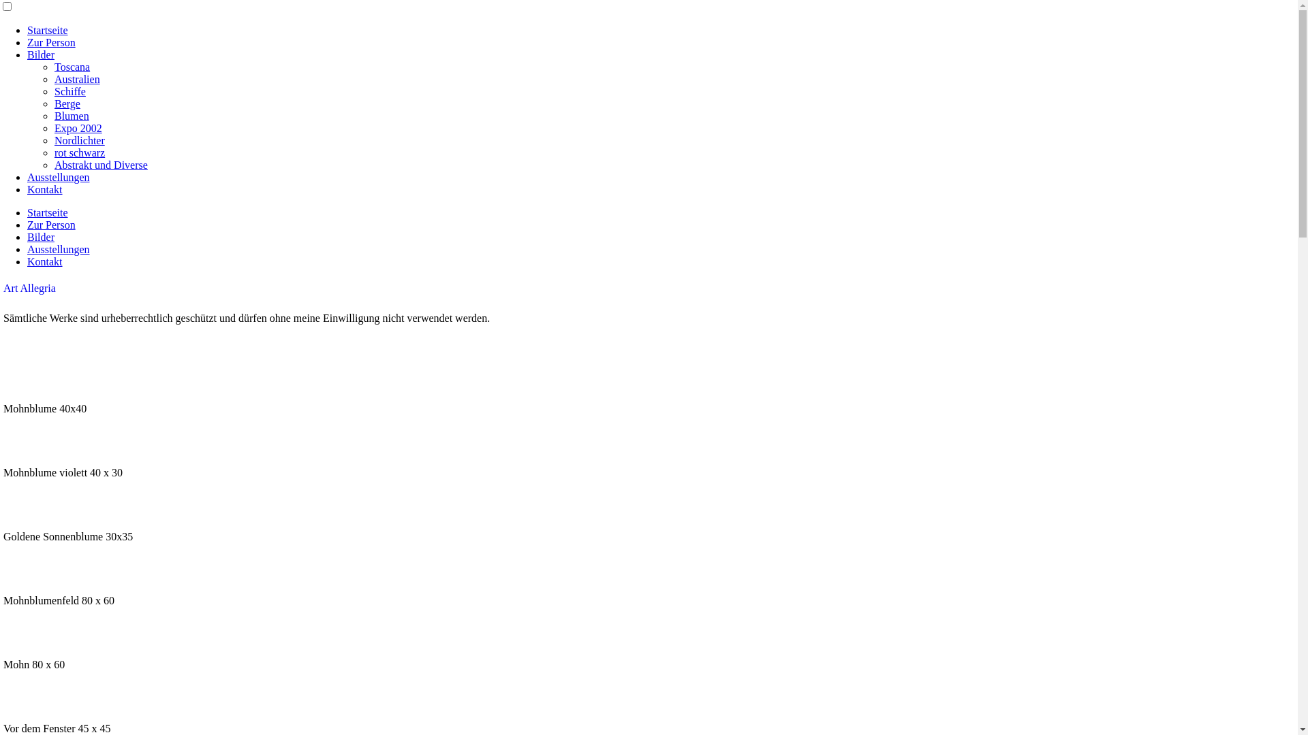 The height and width of the screenshot is (735, 1308). What do you see at coordinates (78, 140) in the screenshot?
I see `'Nordlichter'` at bounding box center [78, 140].